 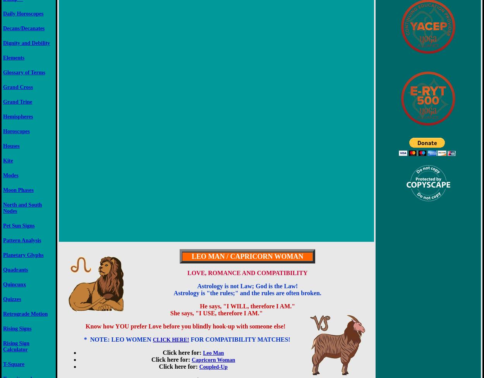 I want to click on 'T-Square', so click(x=14, y=363).